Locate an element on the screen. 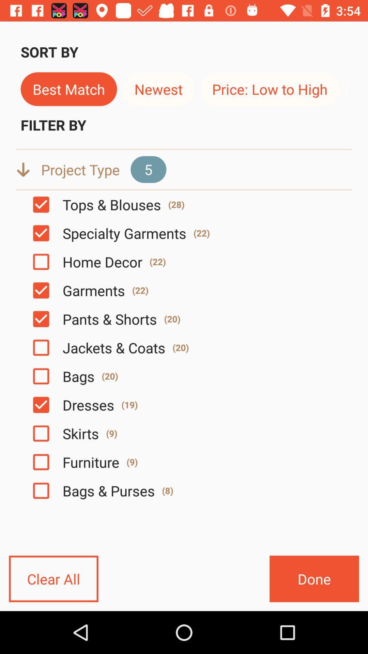 Image resolution: width=368 pixels, height=654 pixels. the checkbox of the home decor is located at coordinates (41, 261).